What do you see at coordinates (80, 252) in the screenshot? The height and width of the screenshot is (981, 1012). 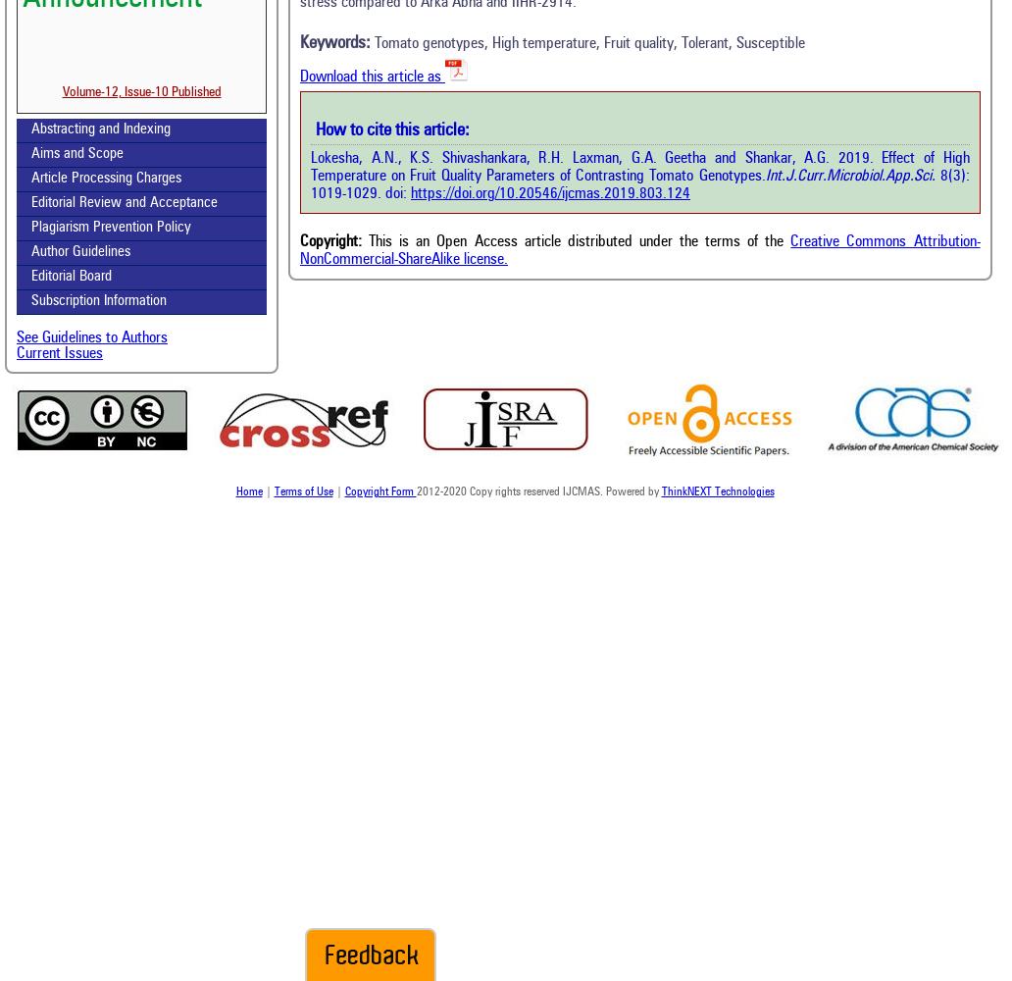 I see `'Author Guidelines'` at bounding box center [80, 252].